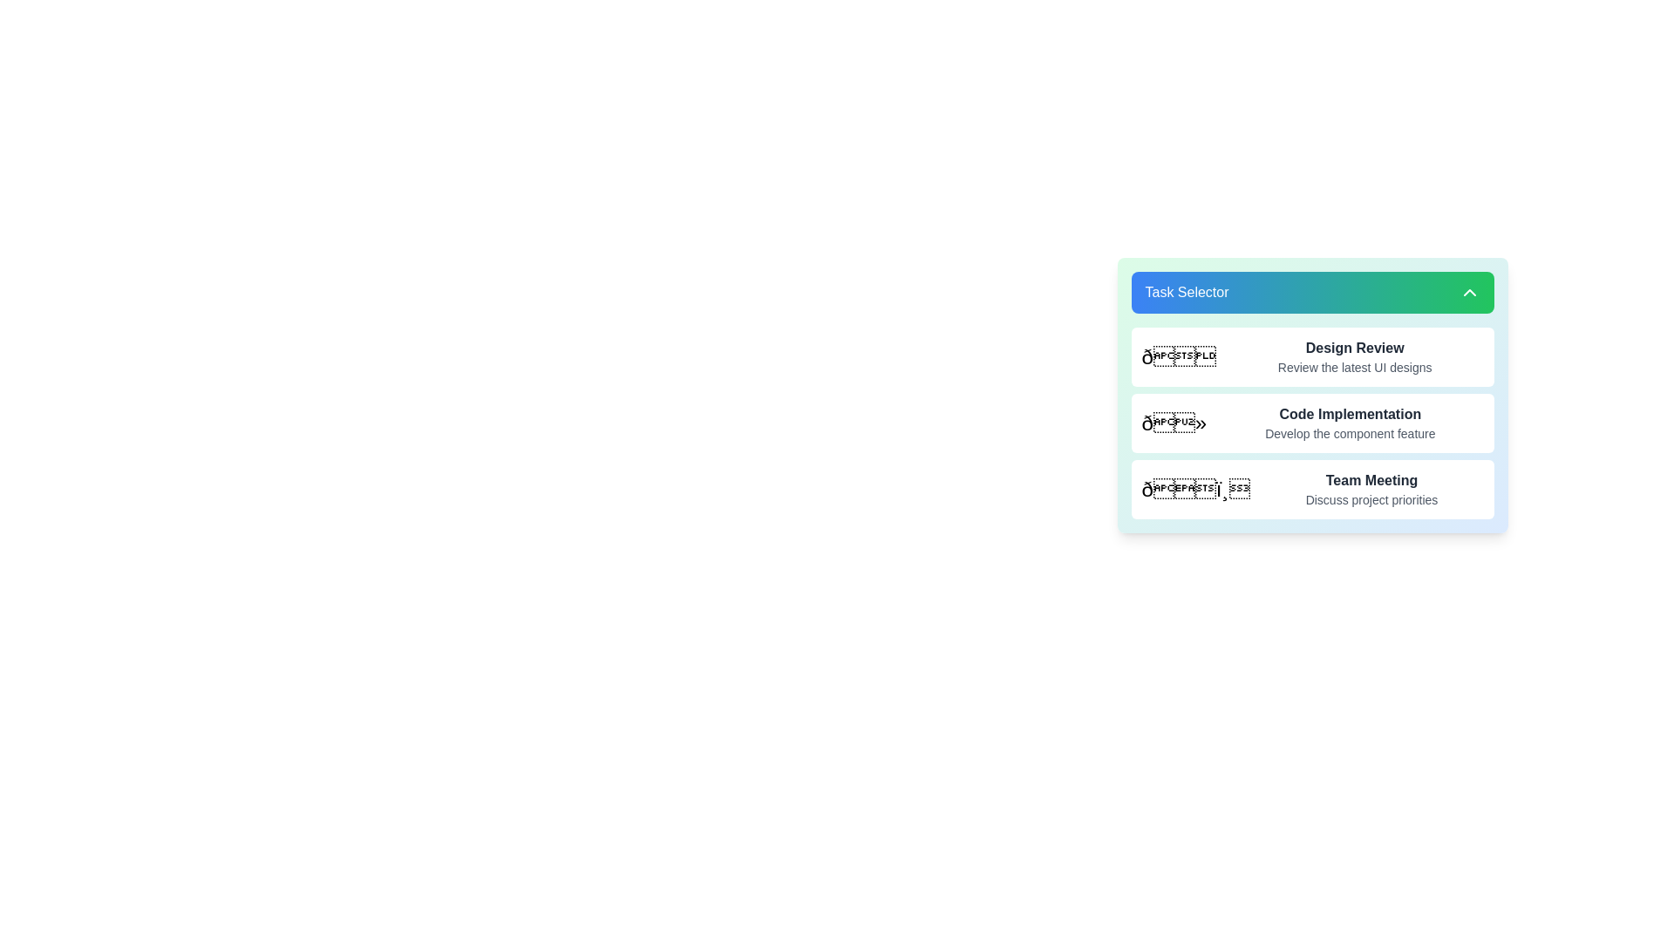 This screenshot has width=1674, height=941. Describe the element at coordinates (1349, 414) in the screenshot. I see `the main label that serves as the title for the task or list entry located at the top of the second item in a vertically arranged list` at that location.